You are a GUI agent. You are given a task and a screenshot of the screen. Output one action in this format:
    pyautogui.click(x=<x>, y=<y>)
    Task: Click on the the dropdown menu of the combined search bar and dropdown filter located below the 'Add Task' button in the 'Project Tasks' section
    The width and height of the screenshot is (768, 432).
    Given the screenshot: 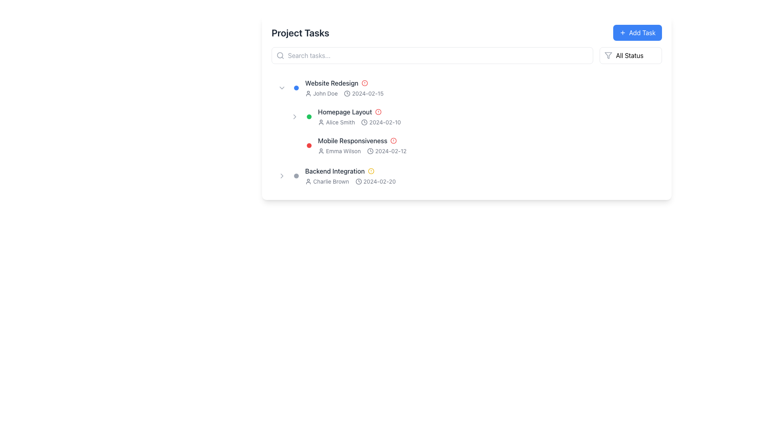 What is the action you would take?
    pyautogui.click(x=466, y=55)
    